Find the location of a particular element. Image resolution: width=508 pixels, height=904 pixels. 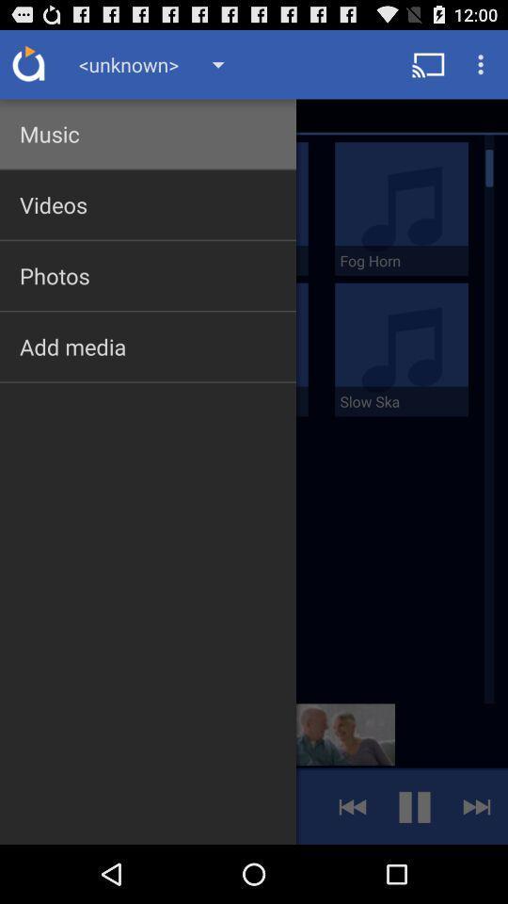

the av_rewind icon is located at coordinates (352, 864).